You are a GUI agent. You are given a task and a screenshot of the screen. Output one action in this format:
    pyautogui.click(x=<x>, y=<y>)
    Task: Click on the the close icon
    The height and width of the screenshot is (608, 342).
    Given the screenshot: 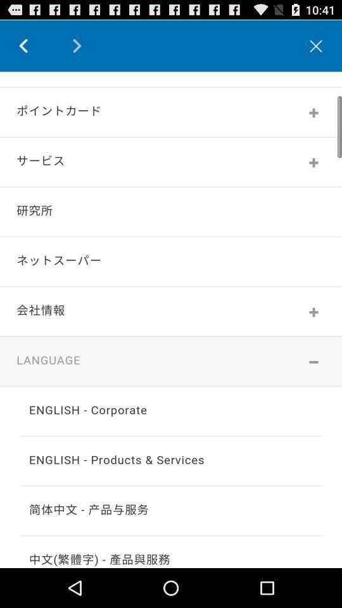 What is the action you would take?
    pyautogui.click(x=315, y=49)
    